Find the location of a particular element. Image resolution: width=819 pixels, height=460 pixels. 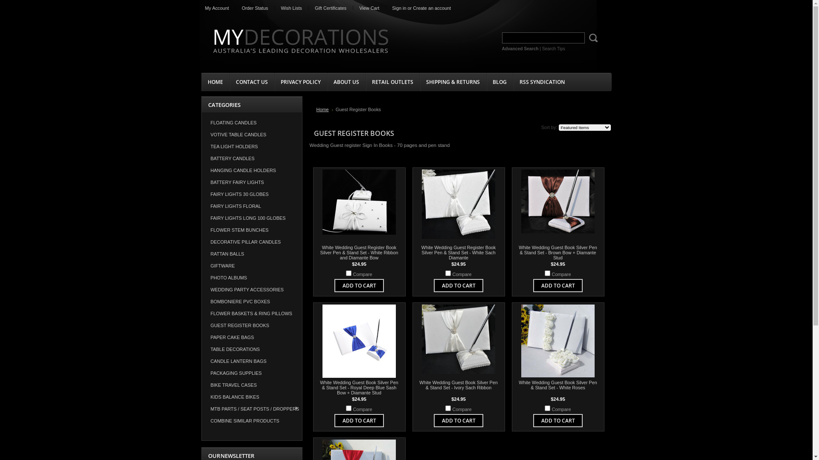

'RATTAN BALLS' is located at coordinates (251, 253).